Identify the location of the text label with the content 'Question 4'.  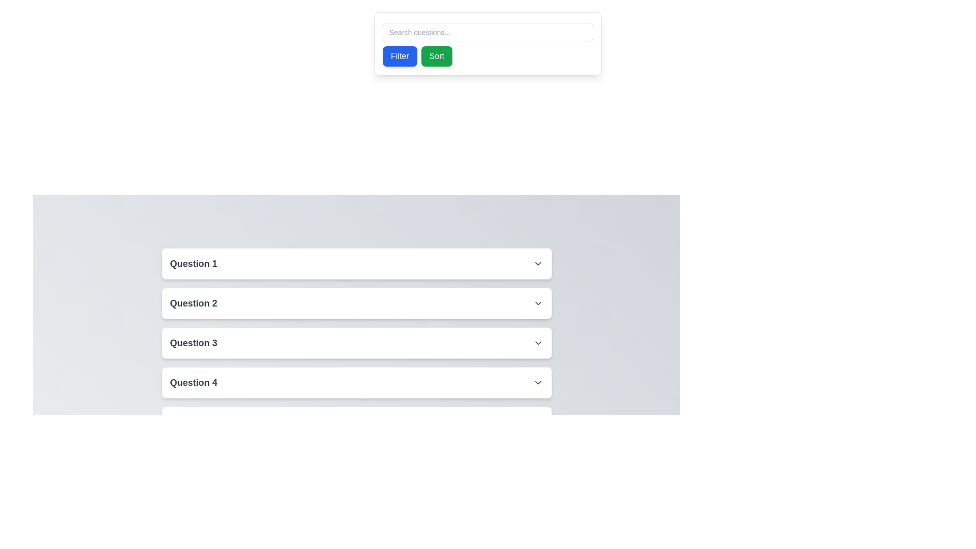
(193, 382).